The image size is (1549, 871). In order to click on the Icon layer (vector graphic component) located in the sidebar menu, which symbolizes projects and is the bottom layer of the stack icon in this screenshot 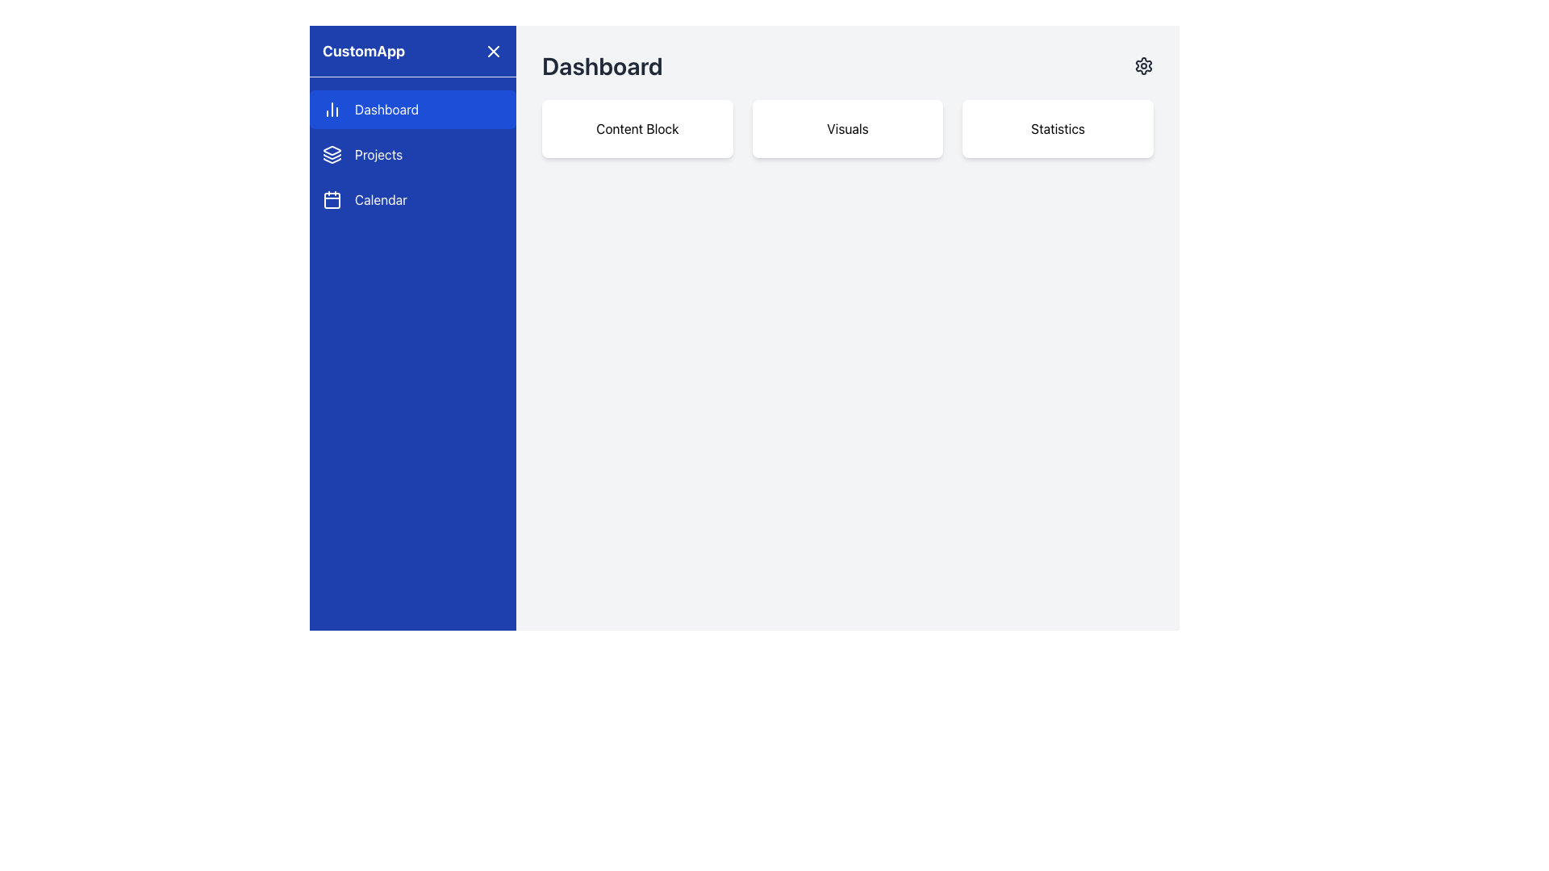, I will do `click(332, 160)`.